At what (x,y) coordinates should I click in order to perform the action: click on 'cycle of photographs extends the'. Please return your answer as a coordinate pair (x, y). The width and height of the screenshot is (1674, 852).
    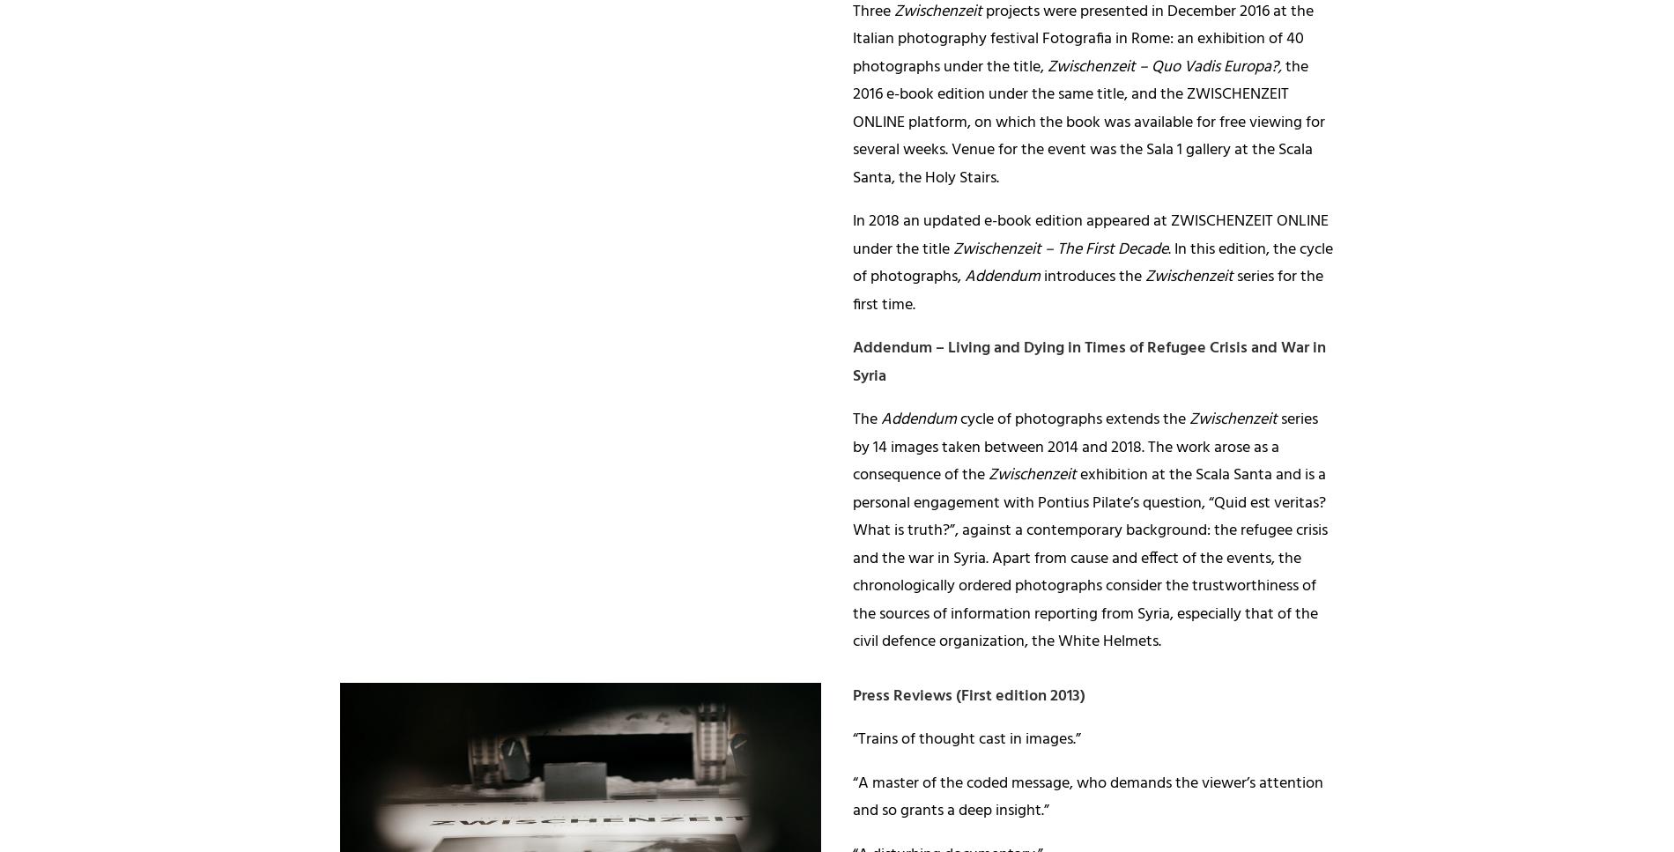
    Looking at the image, I should click on (1072, 419).